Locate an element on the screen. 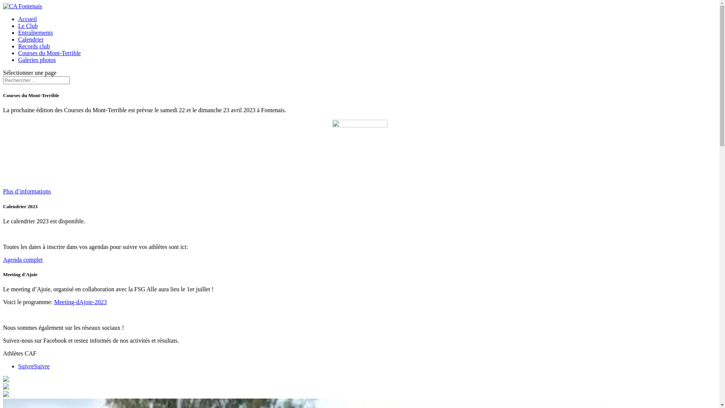 This screenshot has width=725, height=408. 'Records club' is located at coordinates (34, 46).